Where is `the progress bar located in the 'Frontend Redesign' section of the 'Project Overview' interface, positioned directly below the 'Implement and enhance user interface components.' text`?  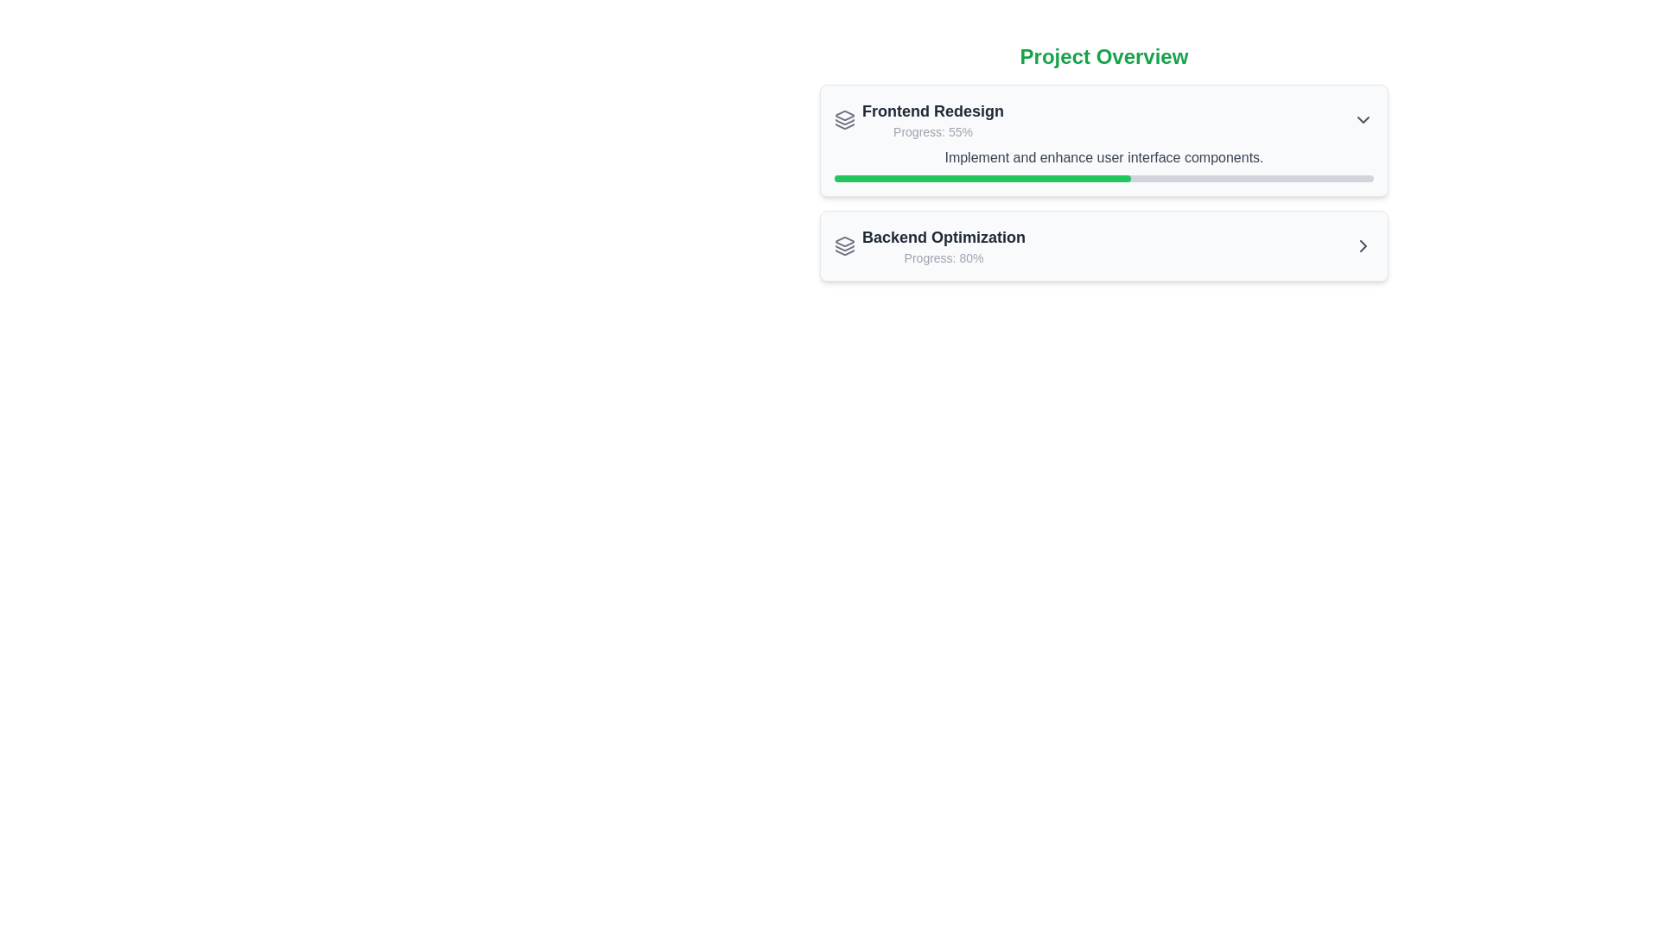
the progress bar located in the 'Frontend Redesign' section of the 'Project Overview' interface, positioned directly below the 'Implement and enhance user interface components.' text is located at coordinates (1103, 179).